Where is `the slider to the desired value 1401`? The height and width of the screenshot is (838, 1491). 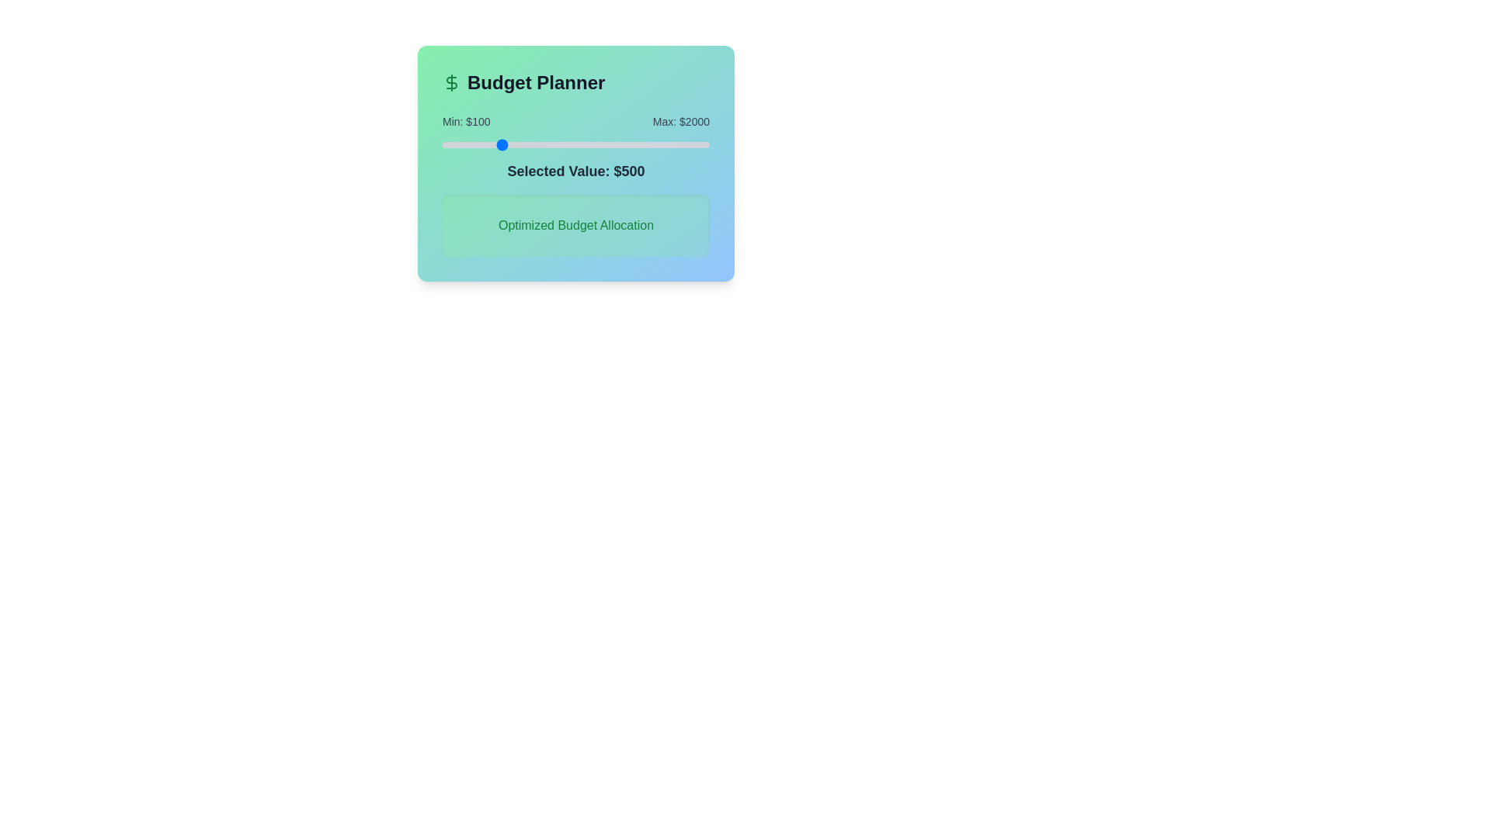
the slider to the desired value 1401 is located at coordinates (625, 144).